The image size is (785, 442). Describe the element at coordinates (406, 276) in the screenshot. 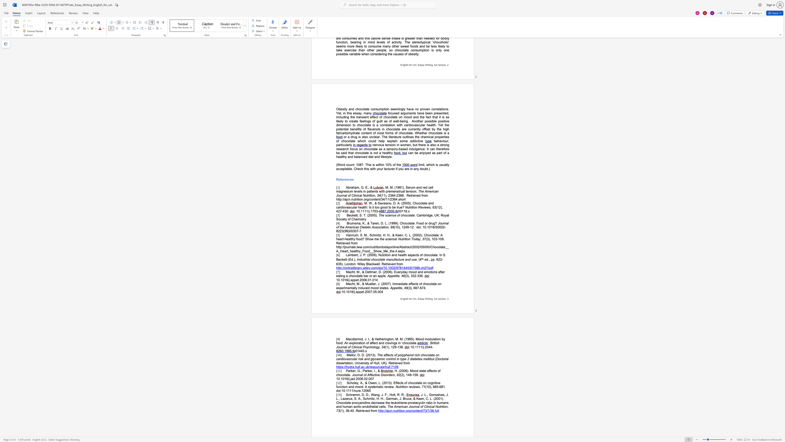

I see `the space between the continuous character "(" and "3" in the text` at that location.